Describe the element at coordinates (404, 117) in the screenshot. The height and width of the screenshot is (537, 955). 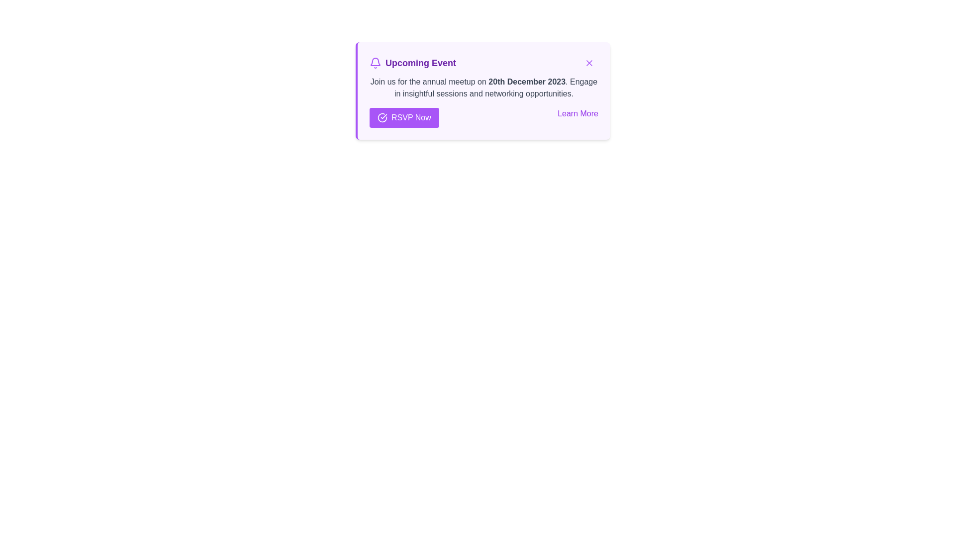
I see `the 'RSVP Now' button with keyboard navigation, identified by its purple background, white text, and checkmark icon on the left` at that location.